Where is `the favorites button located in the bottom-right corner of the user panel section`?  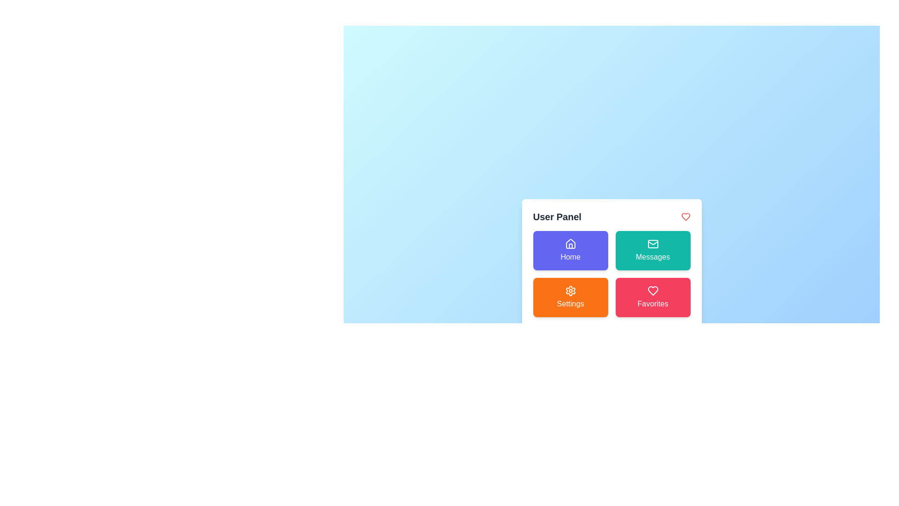 the favorites button located in the bottom-right corner of the user panel section is located at coordinates (652, 298).